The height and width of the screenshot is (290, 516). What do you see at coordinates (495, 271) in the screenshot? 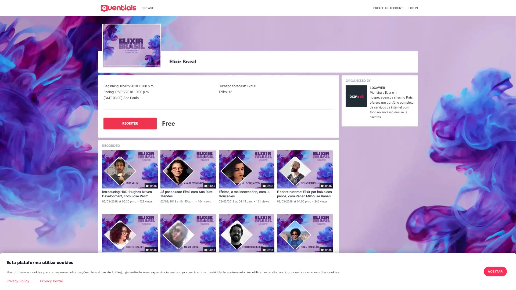
I see `ACEITAR` at bounding box center [495, 271].